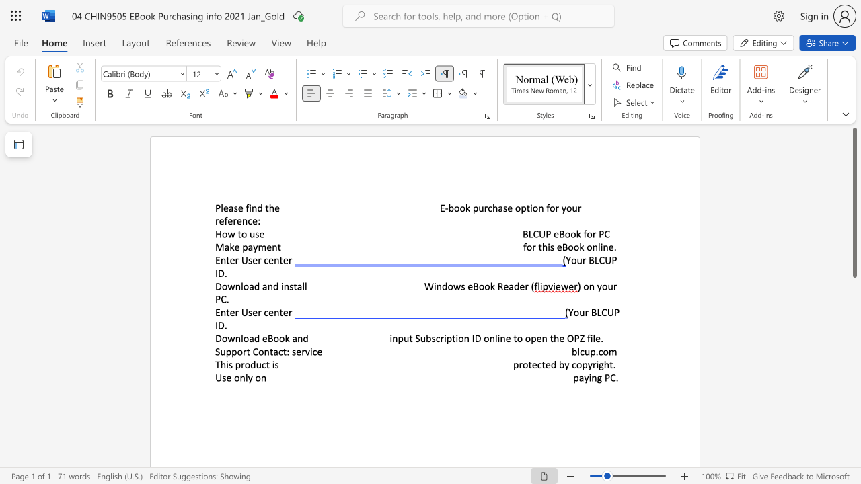  What do you see at coordinates (593, 260) in the screenshot?
I see `the subset text "LC" within the text "Your BLCUP ID."` at bounding box center [593, 260].